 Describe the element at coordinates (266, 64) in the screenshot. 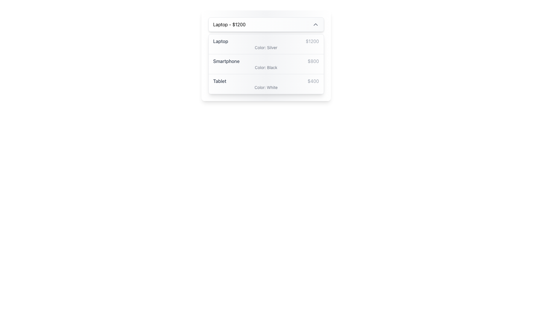

I see `the list of available products` at that location.